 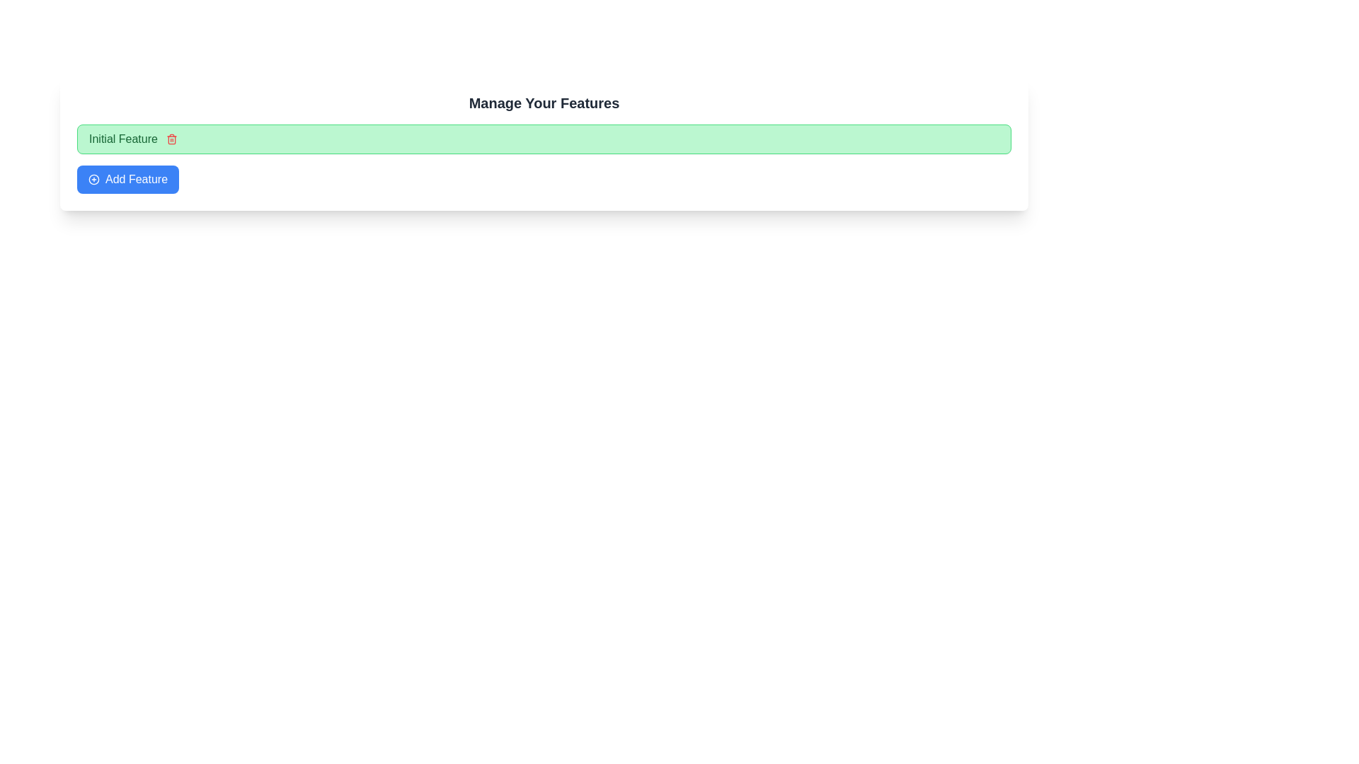 What do you see at coordinates (171, 139) in the screenshot?
I see `the trash icon to remove the 'Initial Feature' chip` at bounding box center [171, 139].